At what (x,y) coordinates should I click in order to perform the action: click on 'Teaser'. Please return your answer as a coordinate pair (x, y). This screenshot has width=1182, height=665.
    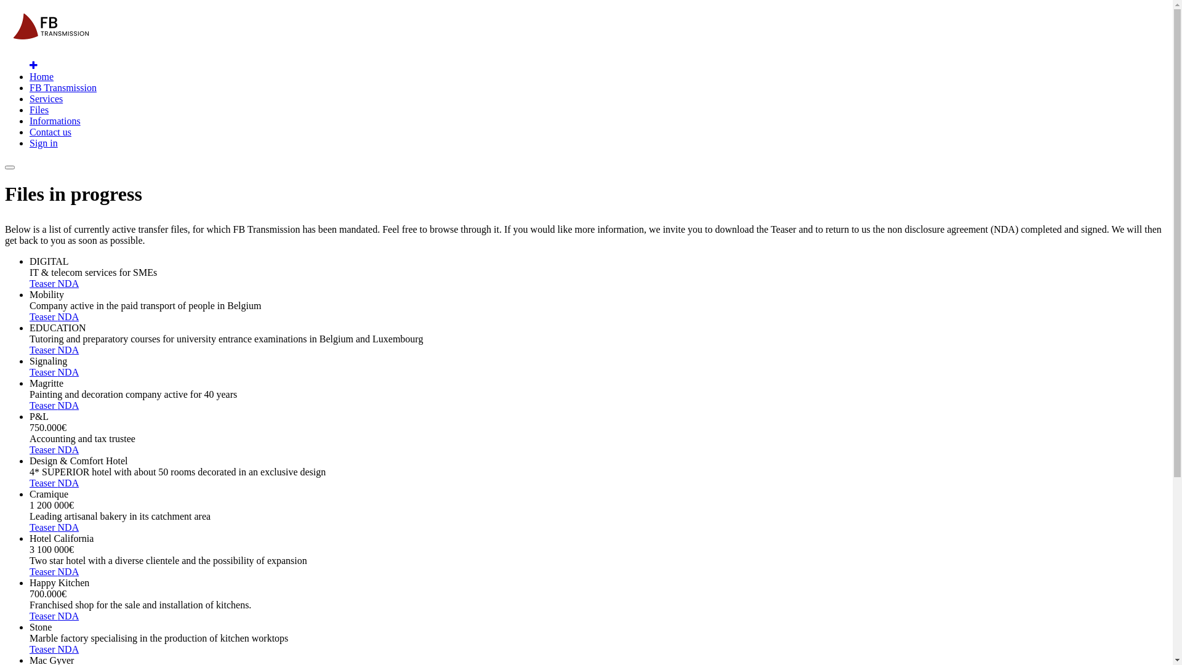
    Looking at the image, I should click on (44, 648).